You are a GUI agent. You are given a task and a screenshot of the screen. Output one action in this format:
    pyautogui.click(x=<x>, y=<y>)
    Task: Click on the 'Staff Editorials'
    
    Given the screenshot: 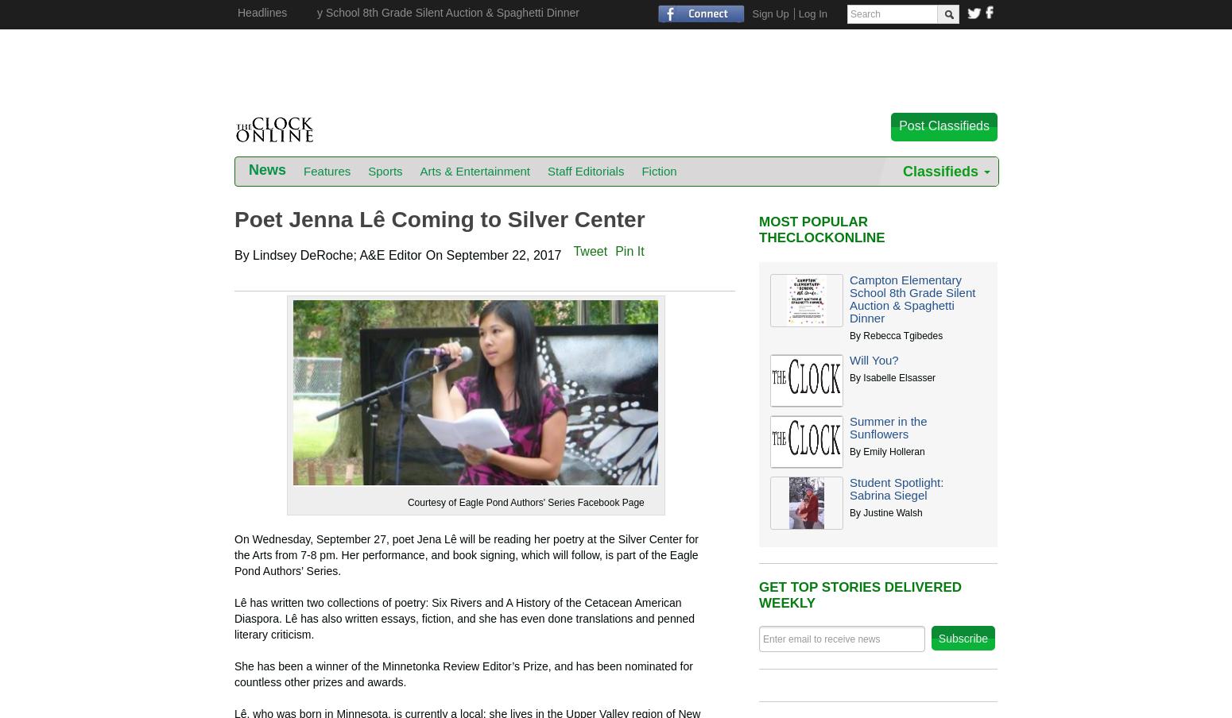 What is the action you would take?
    pyautogui.click(x=586, y=171)
    